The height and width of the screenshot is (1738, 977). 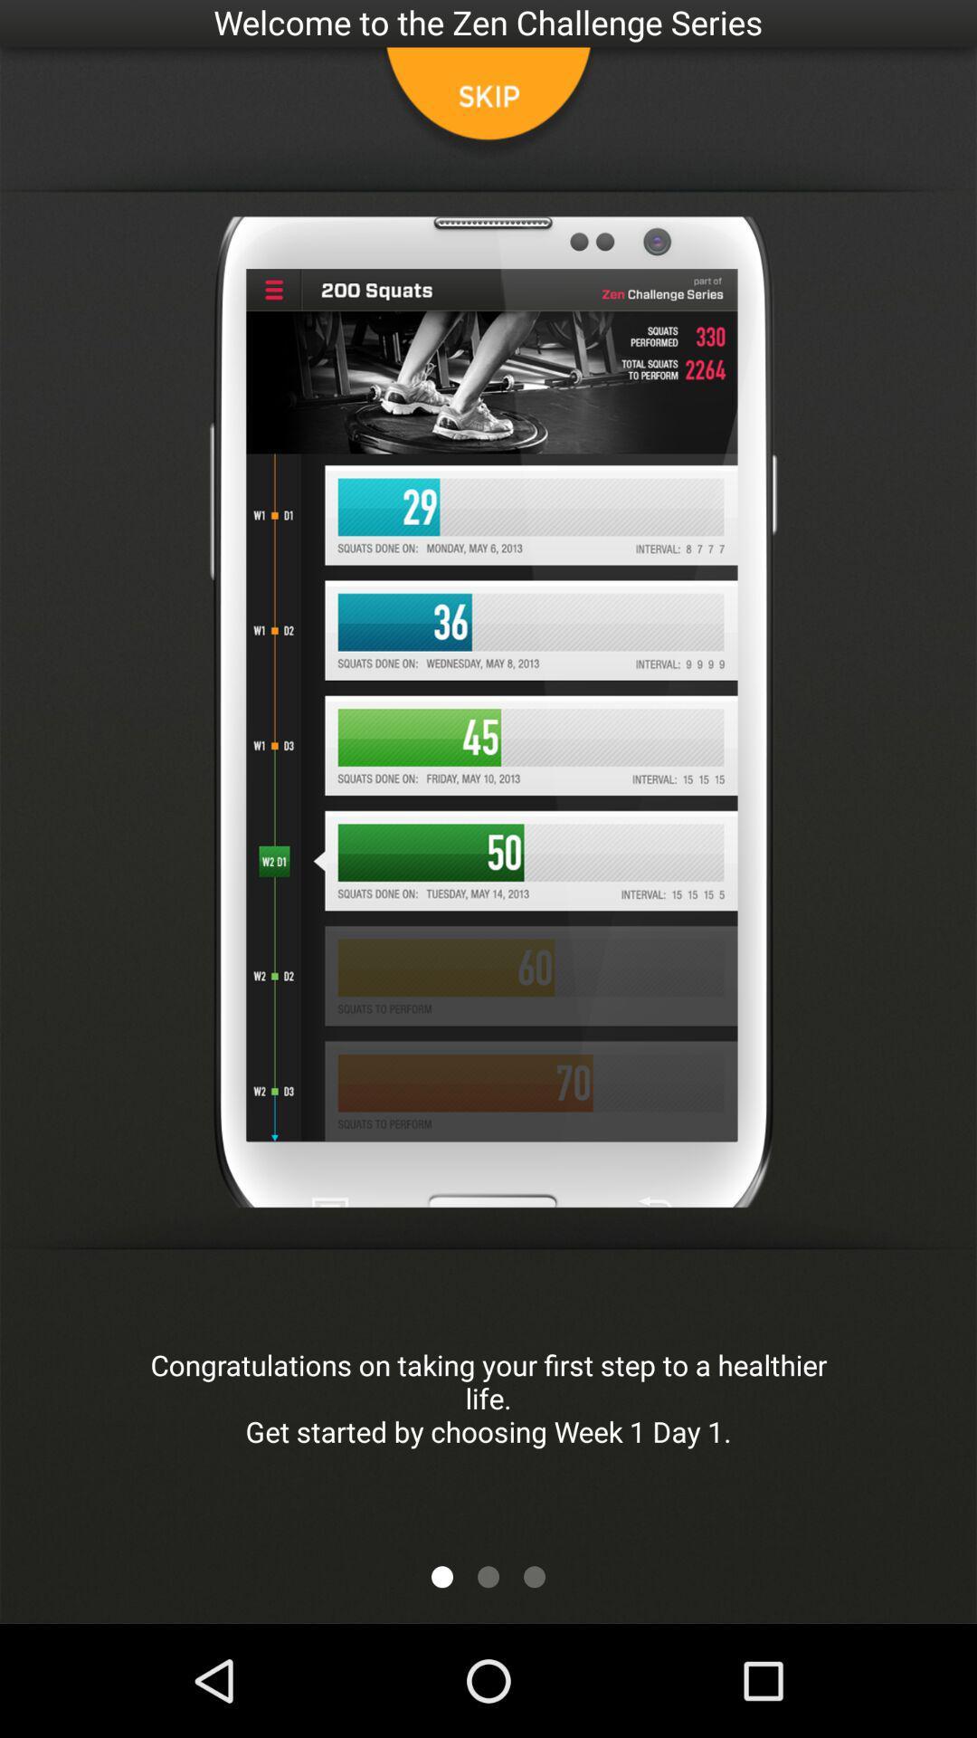 What do you see at coordinates (488, 103) in the screenshot?
I see `to skip` at bounding box center [488, 103].